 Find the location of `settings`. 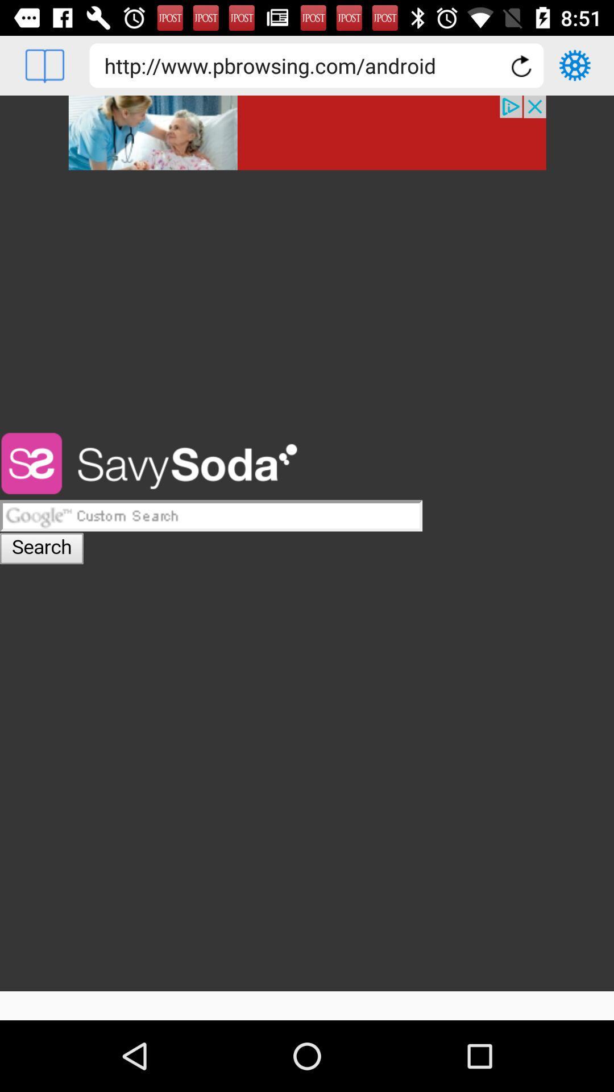

settings is located at coordinates (575, 65).